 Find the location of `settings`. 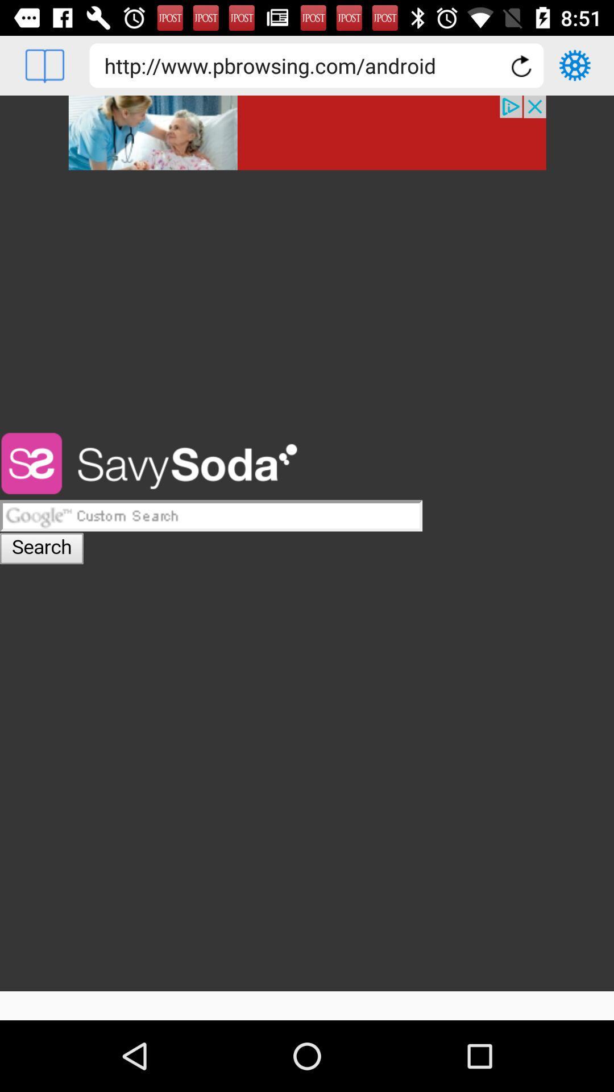

settings is located at coordinates (575, 65).